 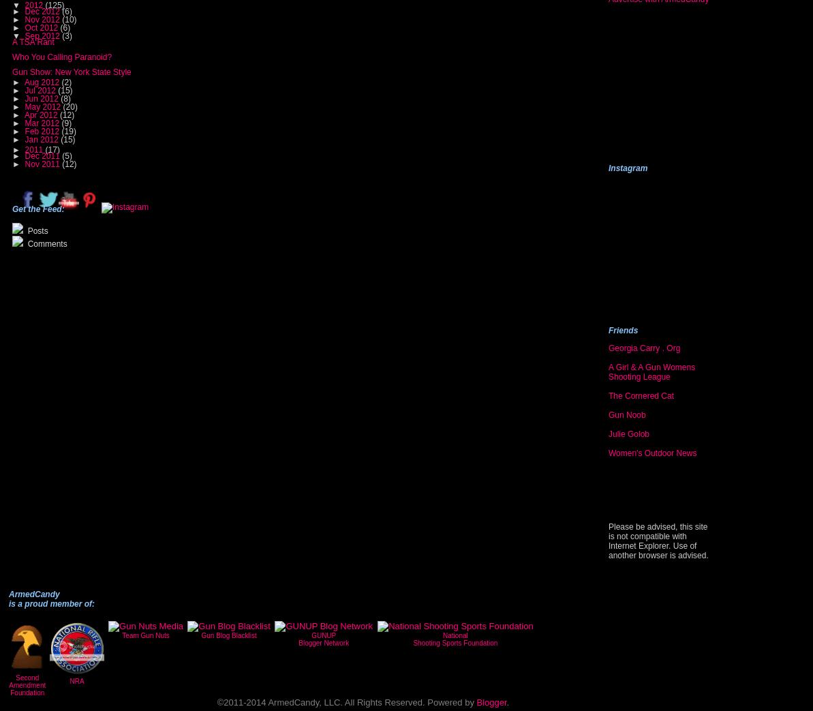 I want to click on '(10)', so click(x=68, y=18).